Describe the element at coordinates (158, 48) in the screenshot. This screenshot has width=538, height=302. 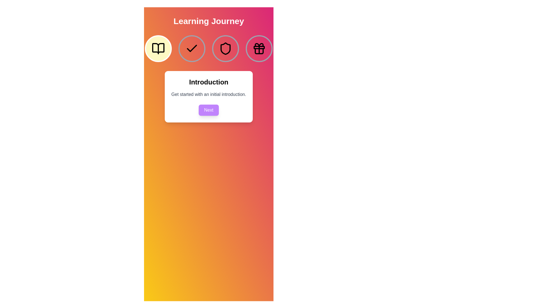
I see `the step icon corresponding to Introduction` at that location.